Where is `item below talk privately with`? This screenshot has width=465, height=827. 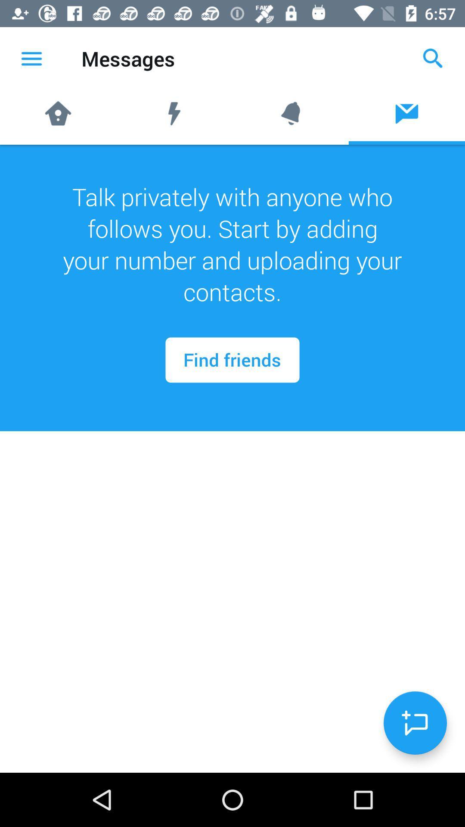 item below talk privately with is located at coordinates (415, 723).